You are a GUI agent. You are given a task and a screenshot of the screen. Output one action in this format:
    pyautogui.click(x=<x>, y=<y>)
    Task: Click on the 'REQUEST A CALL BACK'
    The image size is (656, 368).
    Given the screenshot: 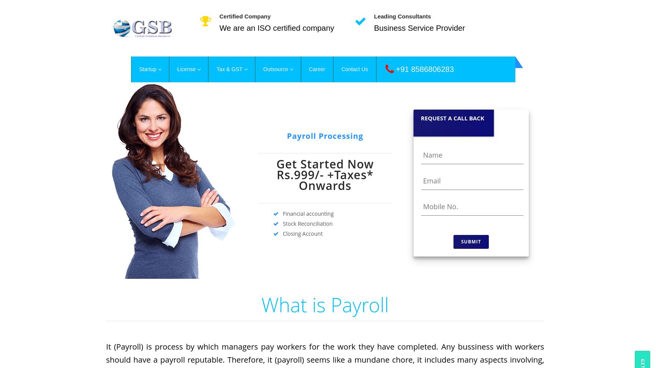 What is the action you would take?
    pyautogui.click(x=452, y=117)
    